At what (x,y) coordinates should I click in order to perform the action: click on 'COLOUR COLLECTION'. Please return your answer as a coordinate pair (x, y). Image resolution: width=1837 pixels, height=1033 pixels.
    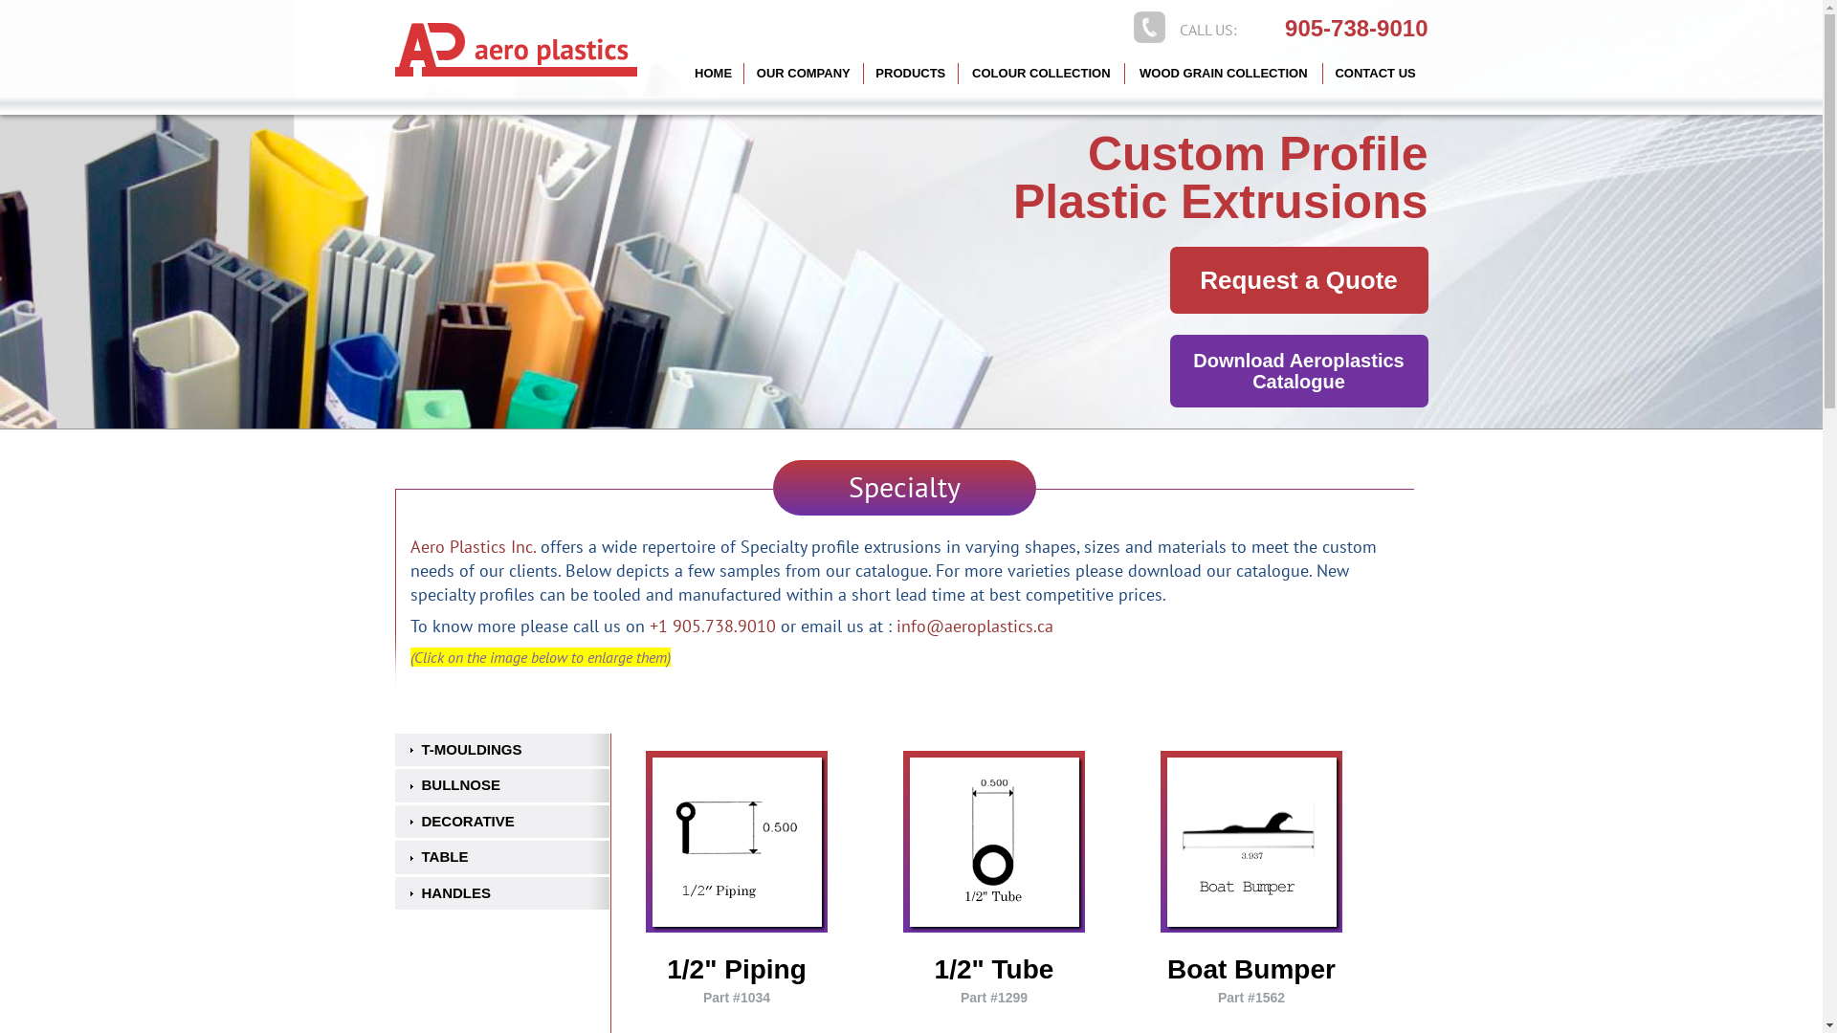
    Looking at the image, I should click on (1041, 73).